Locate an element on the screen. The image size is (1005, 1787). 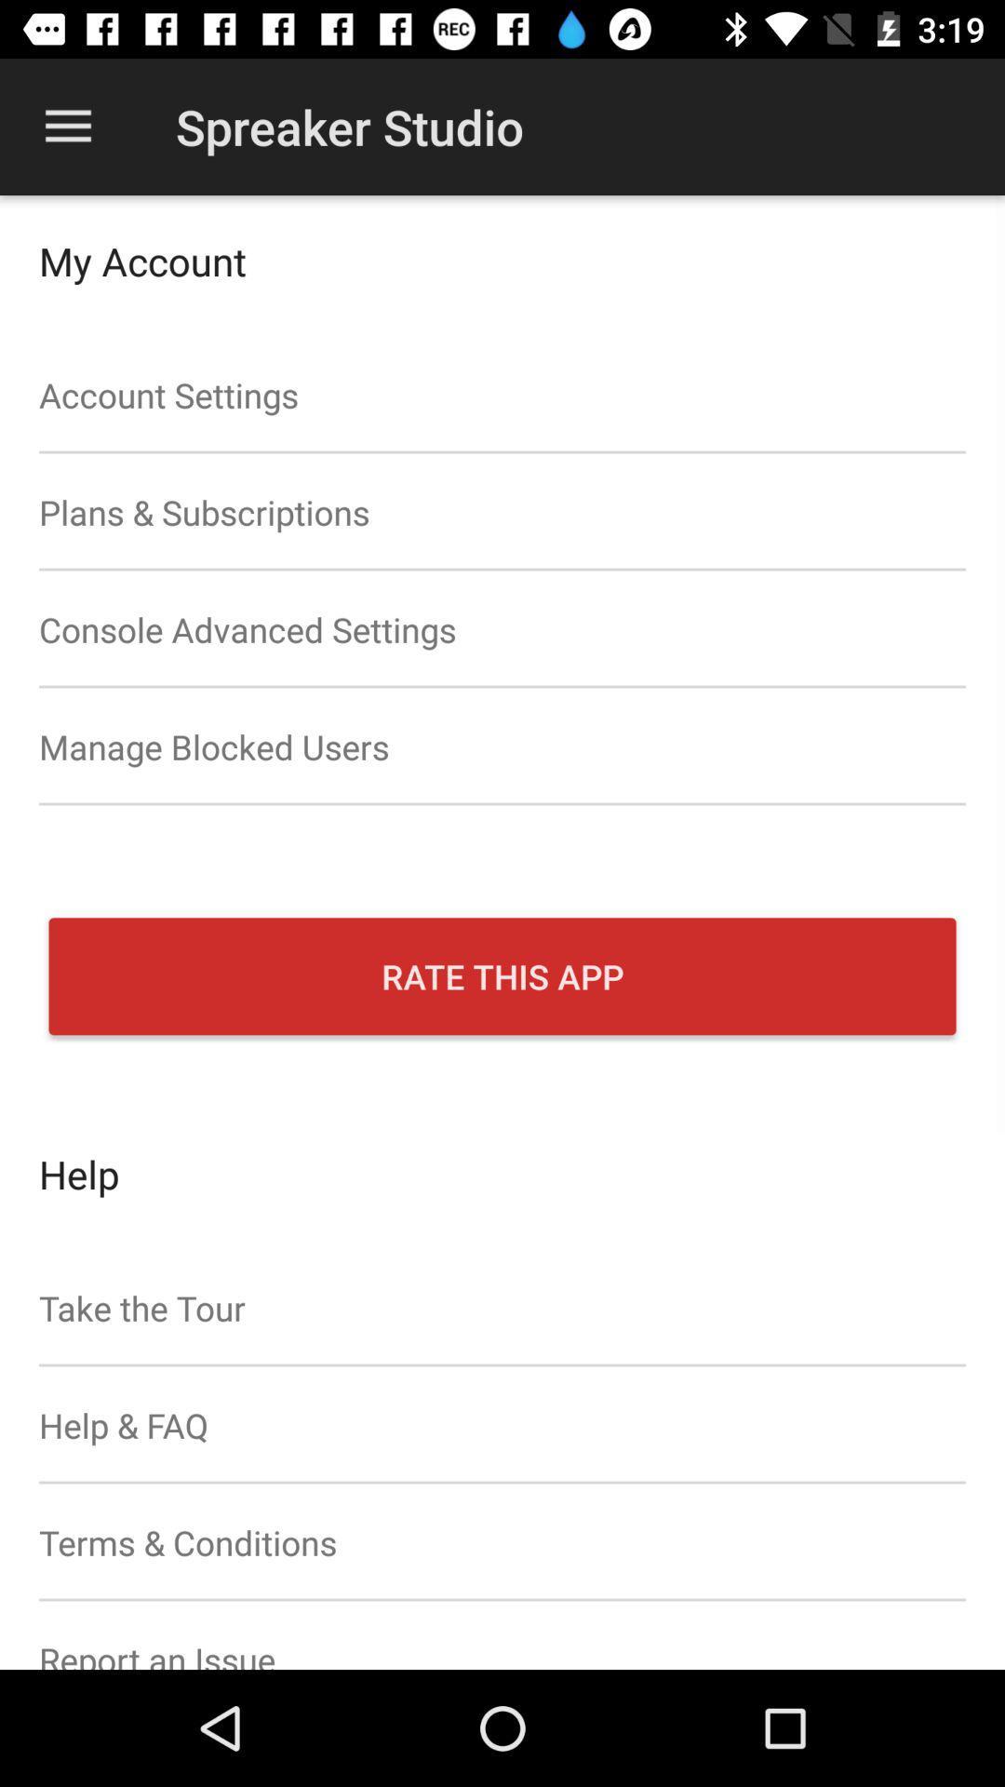
the icon below terms & conditions is located at coordinates (502, 1634).